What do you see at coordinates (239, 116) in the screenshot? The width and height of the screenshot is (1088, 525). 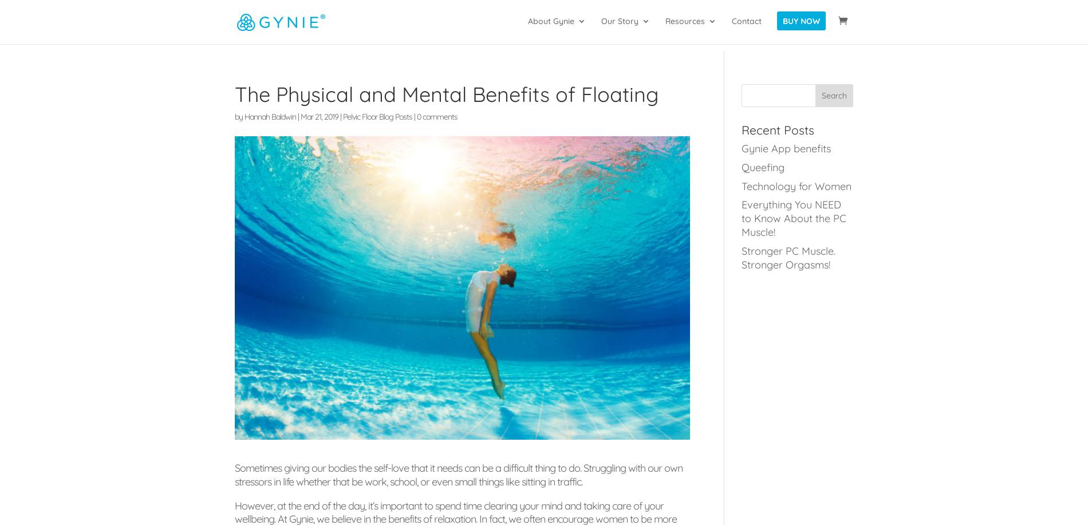 I see `'by'` at bounding box center [239, 116].